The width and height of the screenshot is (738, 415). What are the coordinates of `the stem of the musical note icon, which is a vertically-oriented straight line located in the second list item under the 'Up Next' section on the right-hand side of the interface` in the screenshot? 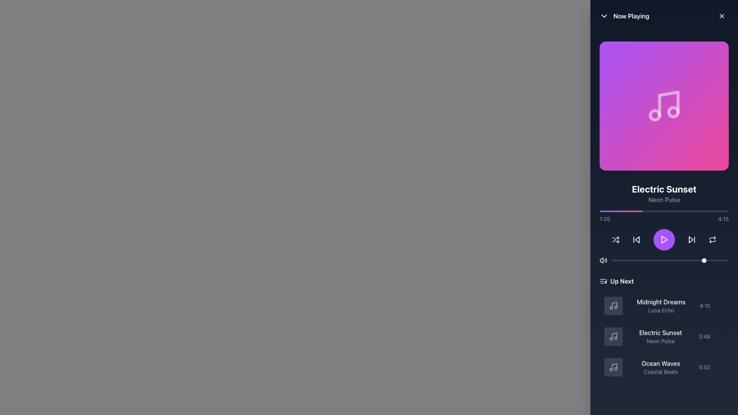 It's located at (614, 335).